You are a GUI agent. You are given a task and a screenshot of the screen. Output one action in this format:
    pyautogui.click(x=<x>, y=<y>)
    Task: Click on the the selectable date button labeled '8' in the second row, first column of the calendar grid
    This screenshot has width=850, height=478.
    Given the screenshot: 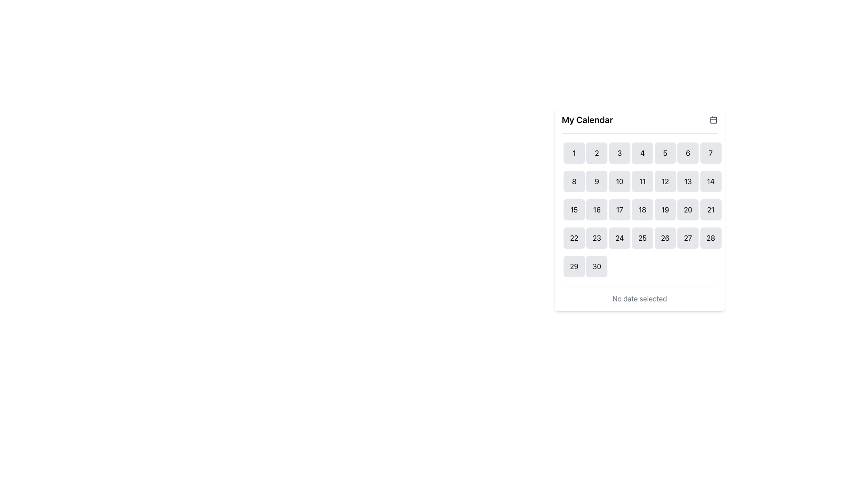 What is the action you would take?
    pyautogui.click(x=574, y=181)
    